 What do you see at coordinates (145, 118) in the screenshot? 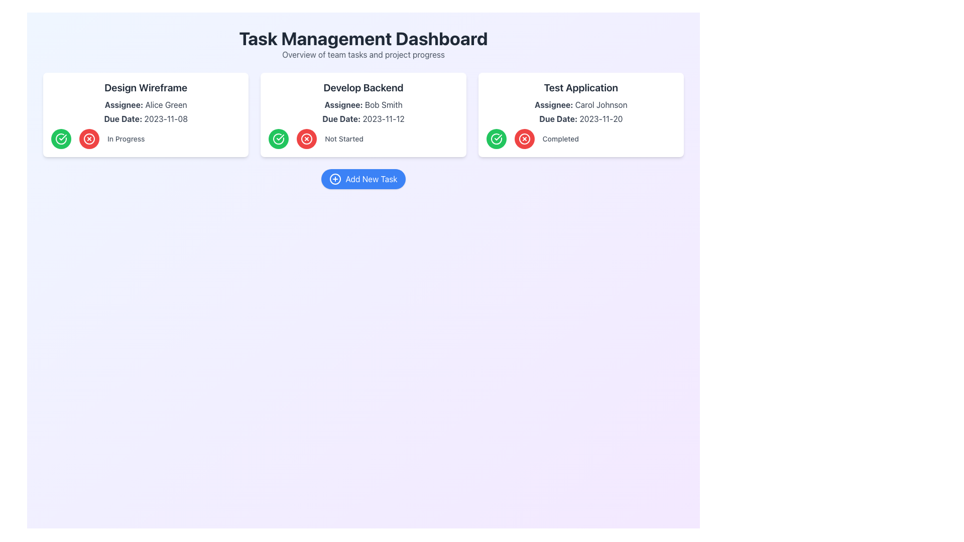
I see `due date text from the Text label located in the 'Design Wireframe' card, positioned beneath 'Assignee: Alice Green' and above the status indicator 'In Progress'` at bounding box center [145, 118].